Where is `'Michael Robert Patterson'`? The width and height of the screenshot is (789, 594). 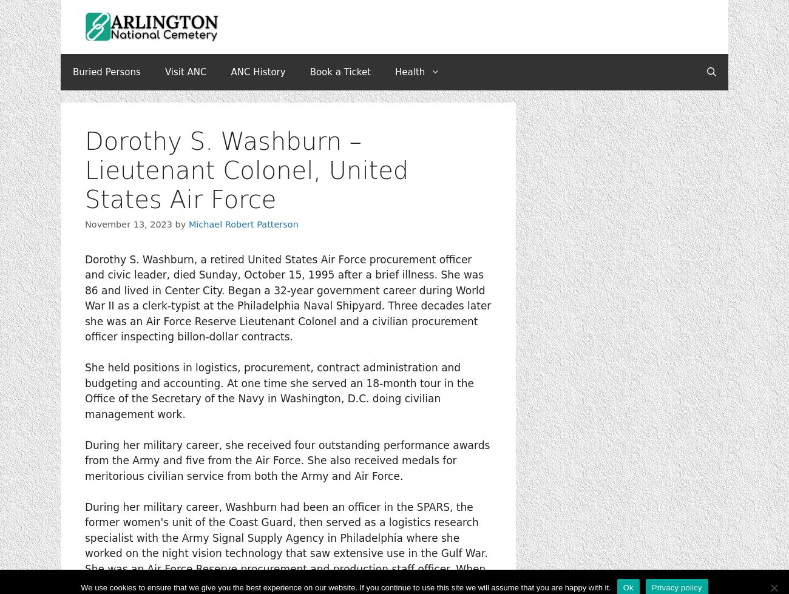 'Michael Robert Patterson' is located at coordinates (188, 224).